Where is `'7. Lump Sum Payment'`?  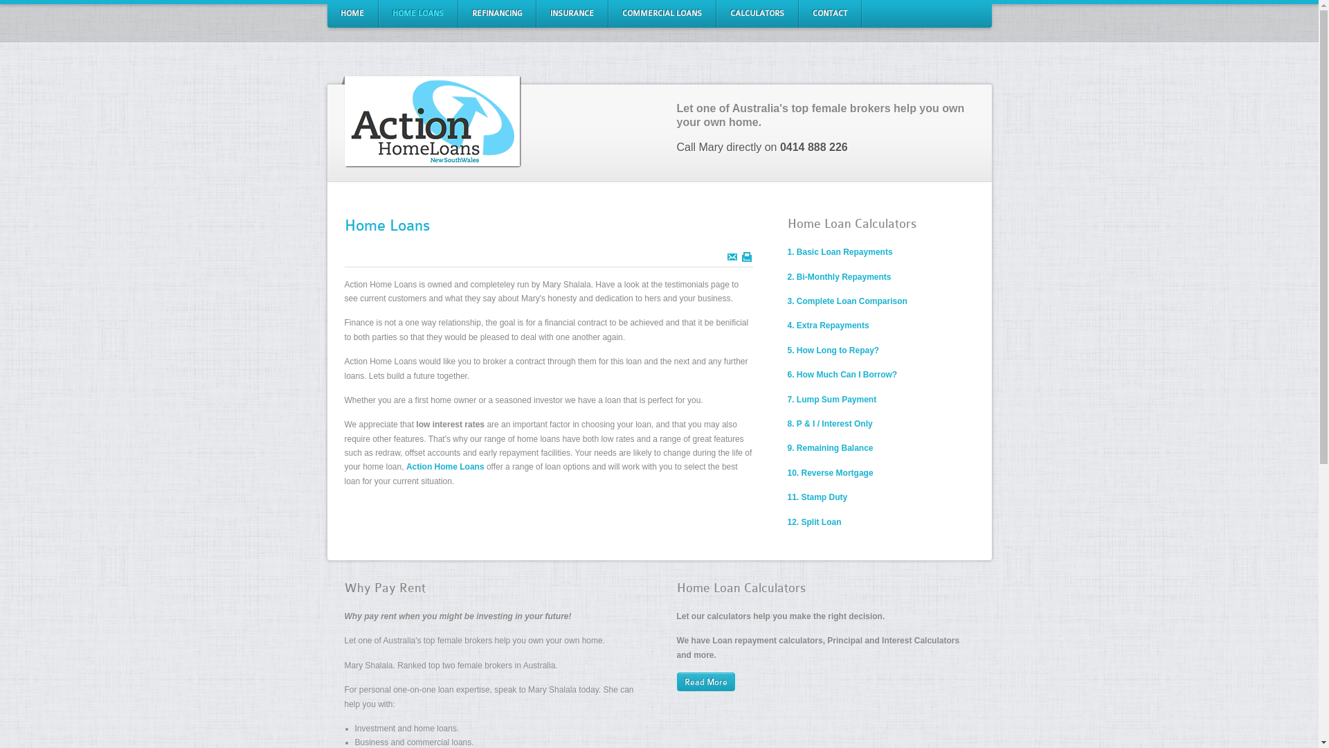
'7. Lump Sum Payment' is located at coordinates (787, 400).